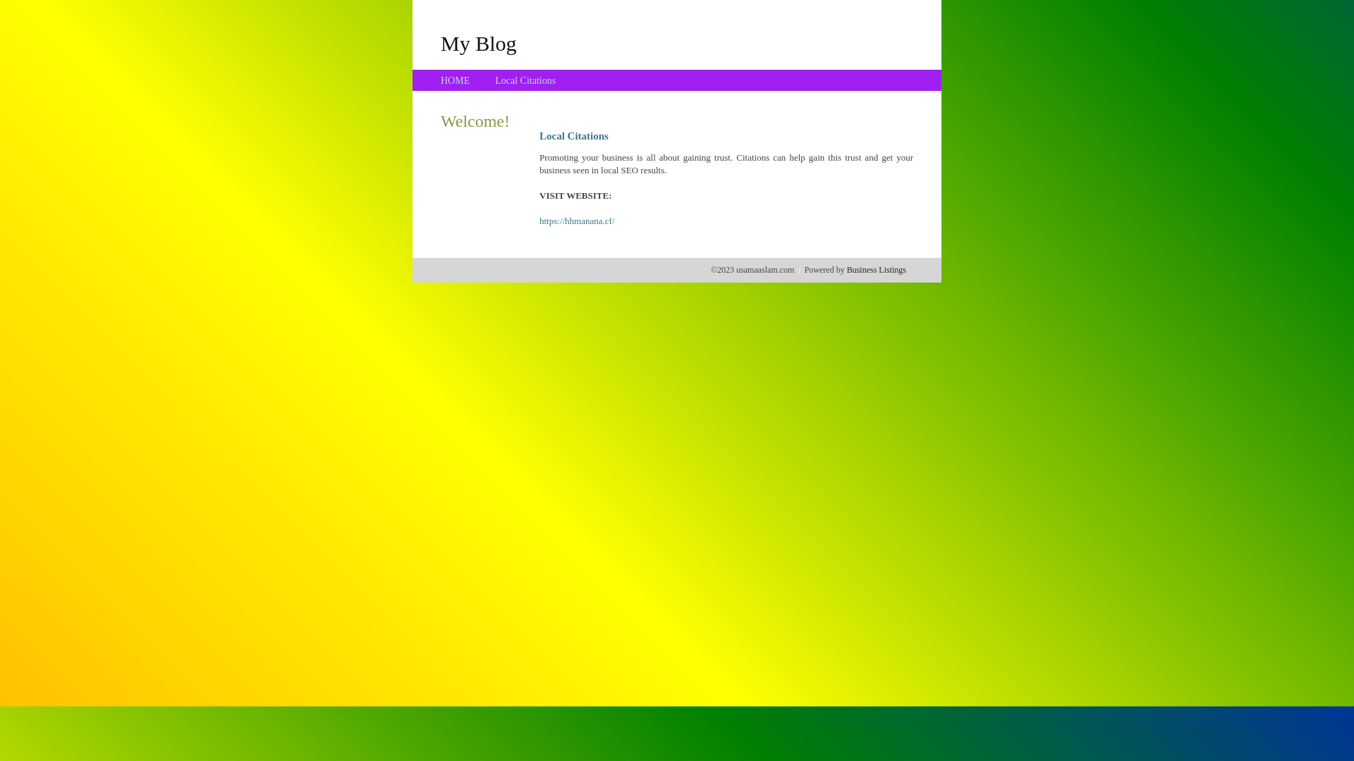  What do you see at coordinates (577, 221) in the screenshot?
I see `'https://hhmanana.cf/'` at bounding box center [577, 221].